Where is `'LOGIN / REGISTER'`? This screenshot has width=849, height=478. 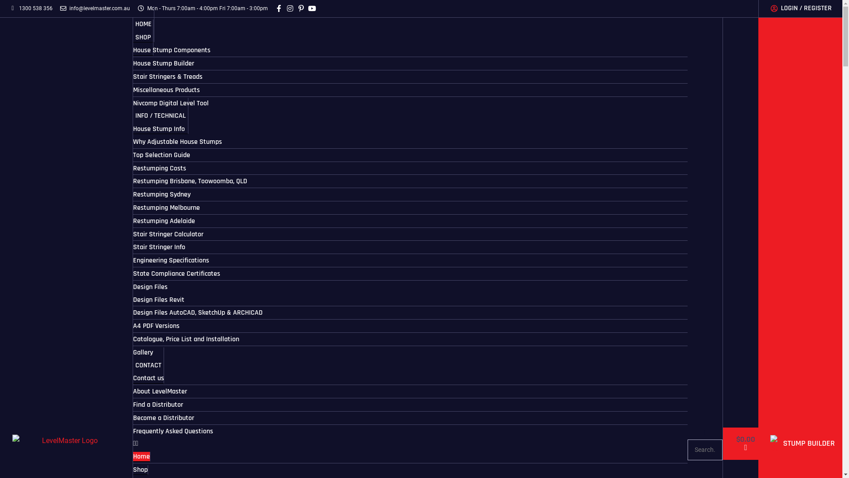
'LOGIN / REGISTER' is located at coordinates (769, 8).